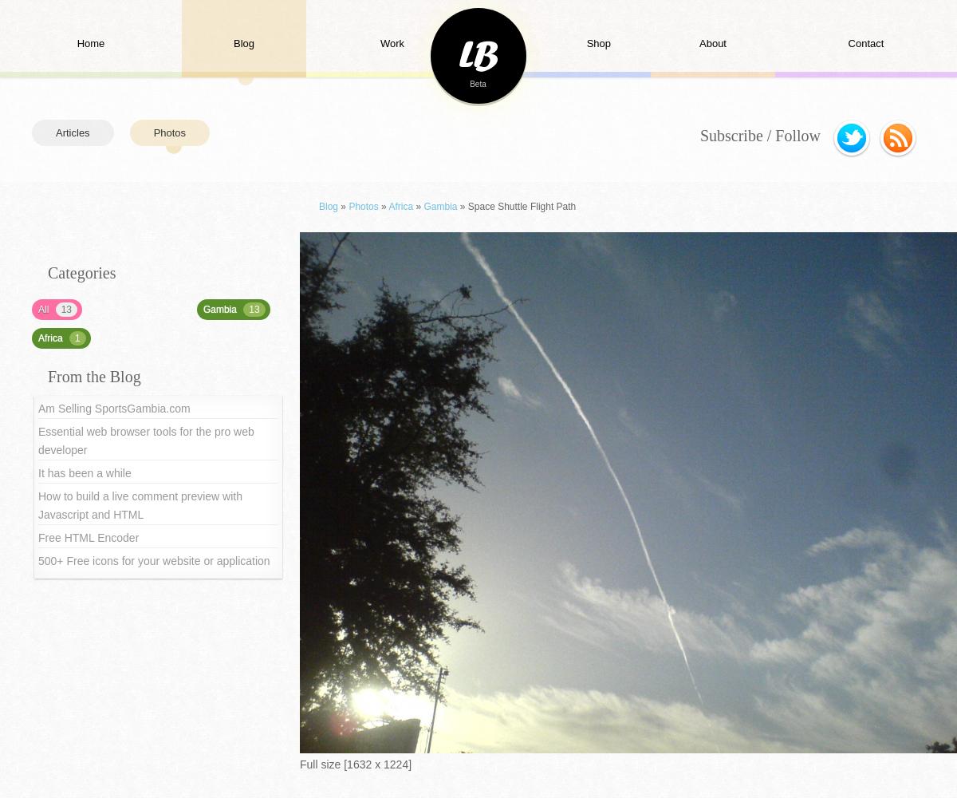  What do you see at coordinates (140, 505) in the screenshot?
I see `'How to build a live comment preview with Javascript and HTML'` at bounding box center [140, 505].